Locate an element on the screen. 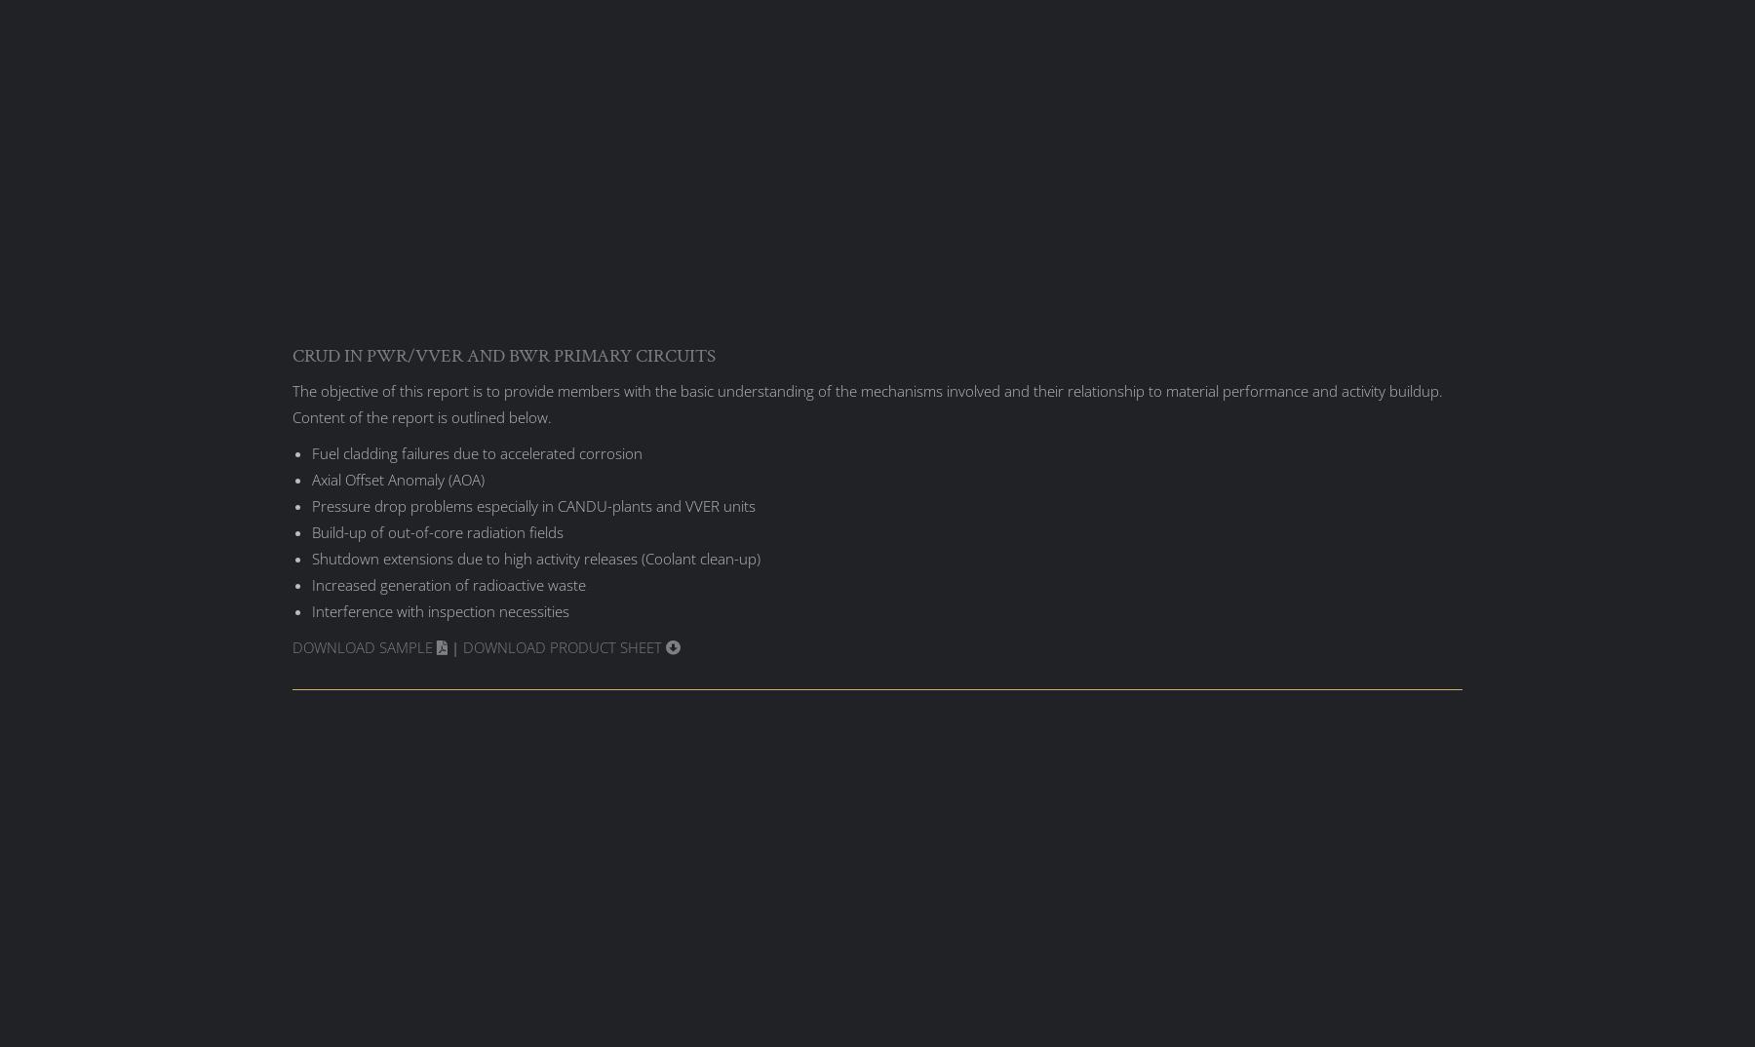  '|' is located at coordinates (453, 644).